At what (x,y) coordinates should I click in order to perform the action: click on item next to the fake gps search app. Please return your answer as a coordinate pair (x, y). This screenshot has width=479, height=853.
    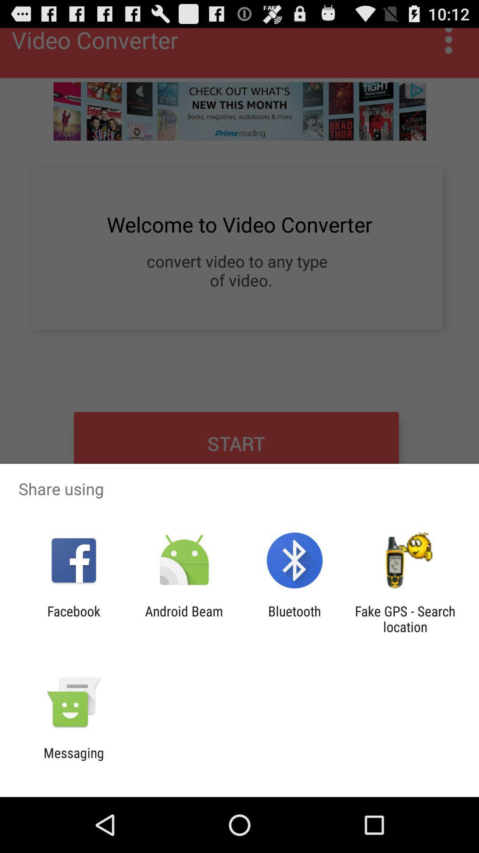
    Looking at the image, I should click on (294, 618).